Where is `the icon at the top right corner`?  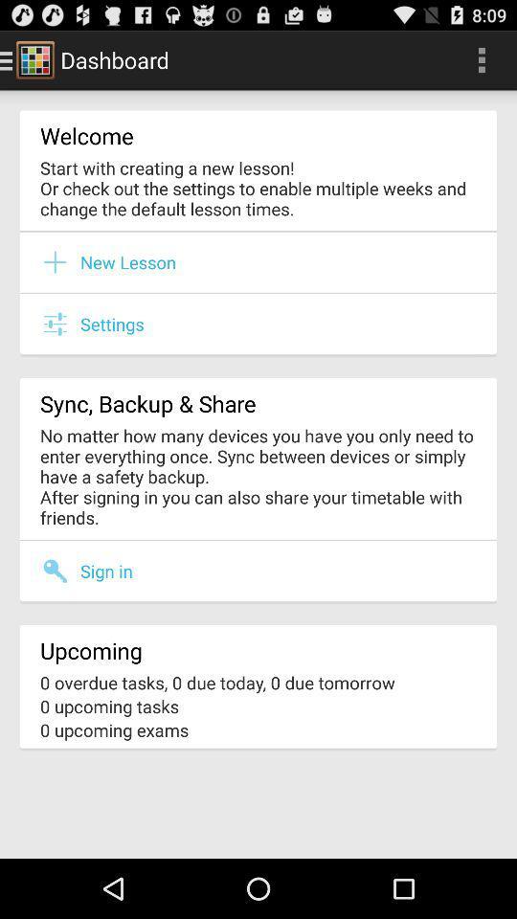
the icon at the top right corner is located at coordinates (481, 59).